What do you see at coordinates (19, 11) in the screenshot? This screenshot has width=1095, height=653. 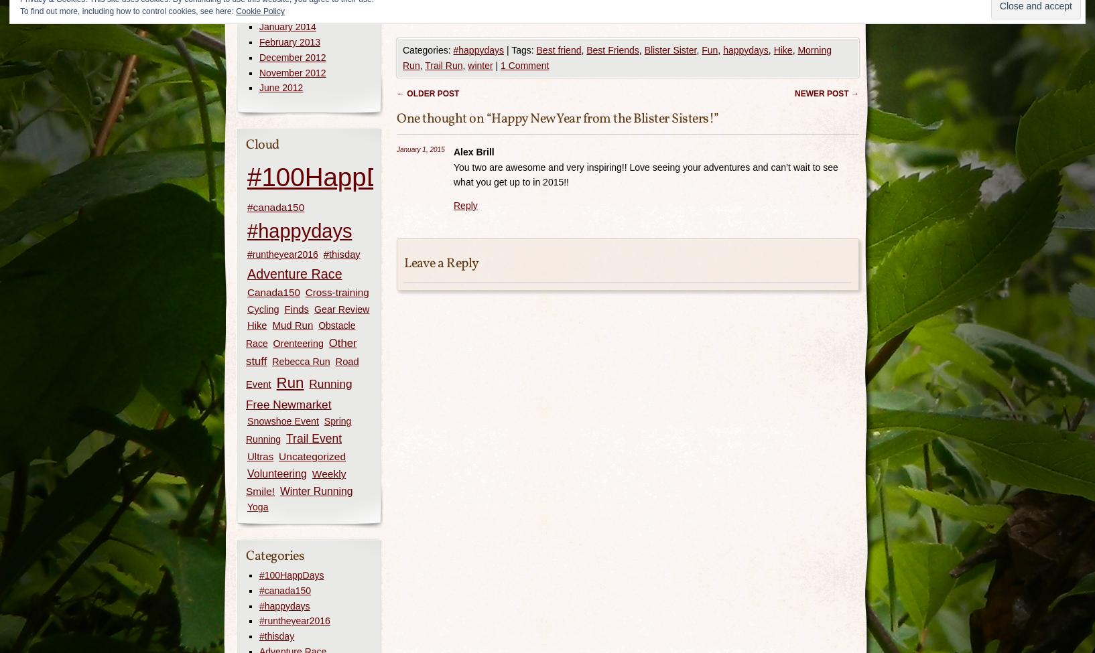 I see `'To find out more, including how to control cookies, see here:'` at bounding box center [19, 11].